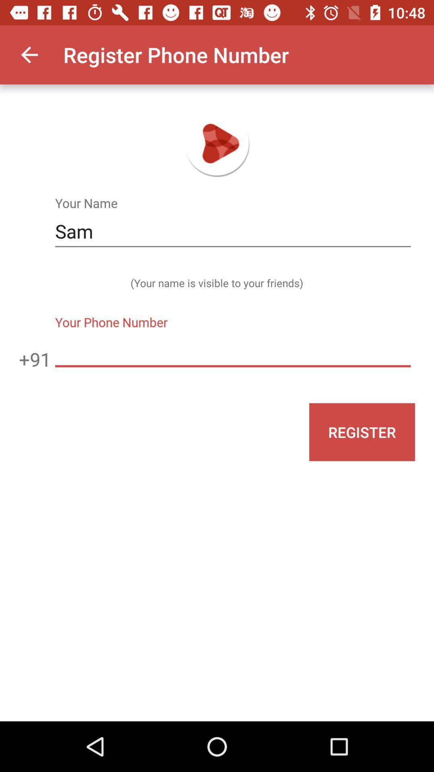 The width and height of the screenshot is (434, 772). I want to click on icon to the left of register phone number icon, so click(29, 54).